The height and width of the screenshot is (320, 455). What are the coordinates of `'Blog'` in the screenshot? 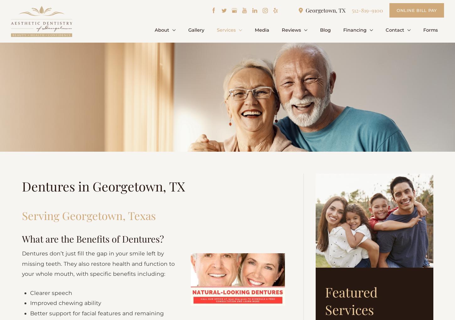 It's located at (334, 29).